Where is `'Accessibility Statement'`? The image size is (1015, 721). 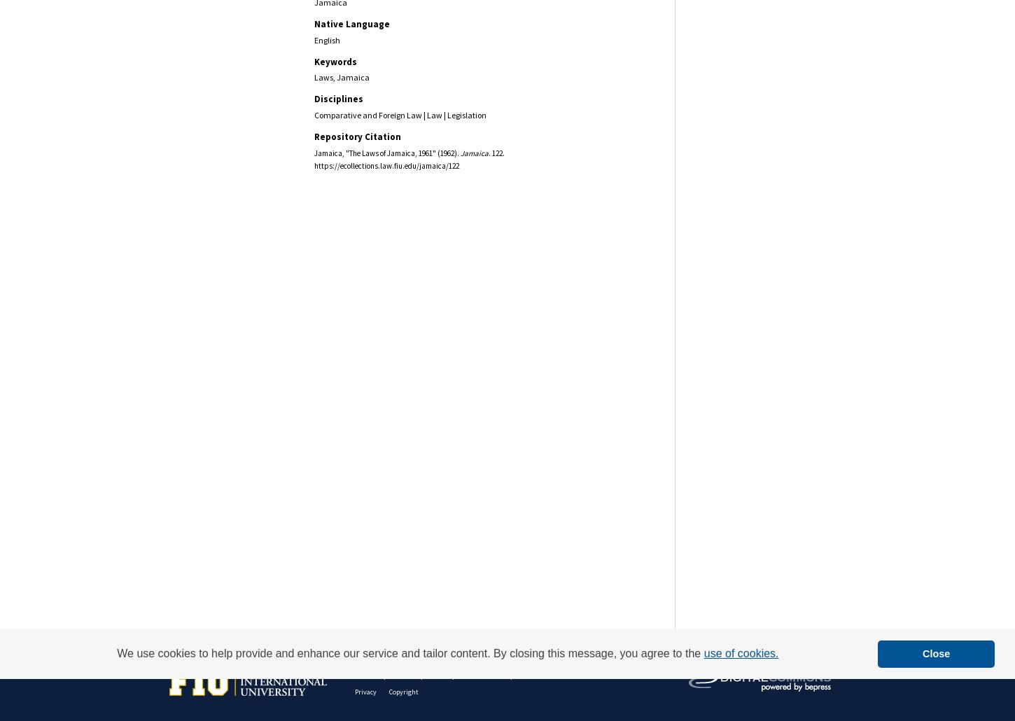
'Accessibility Statement' is located at coordinates (561, 673).